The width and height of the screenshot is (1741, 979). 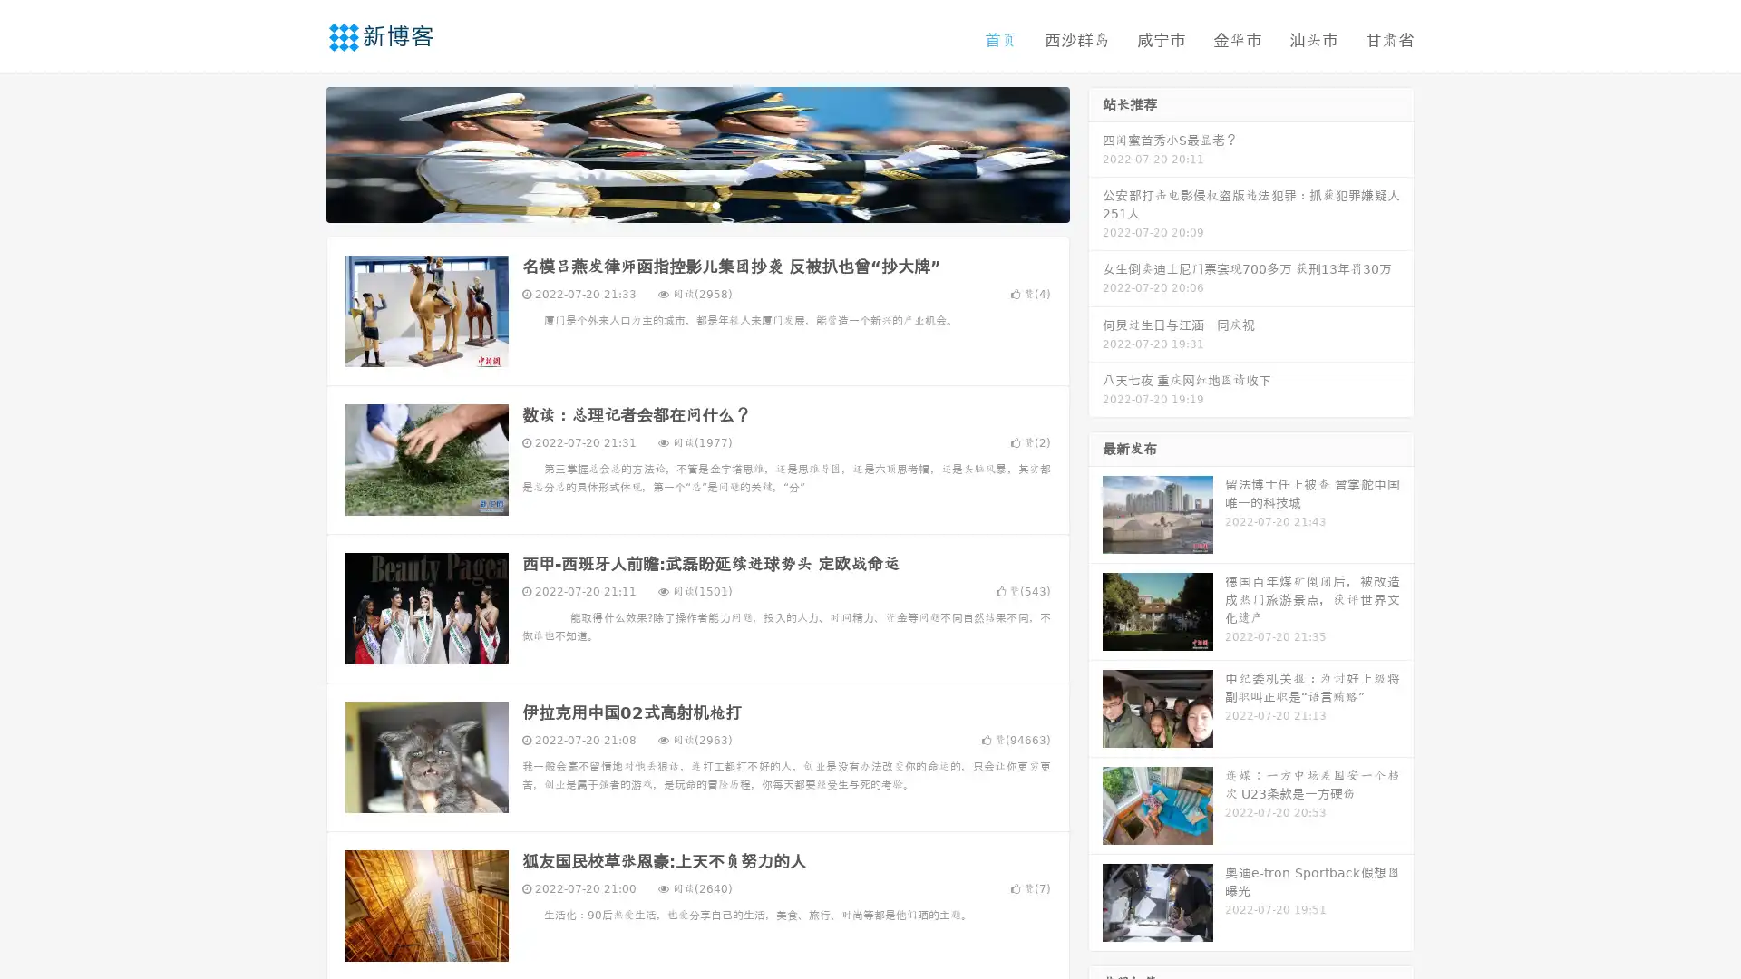 What do you see at coordinates (696, 204) in the screenshot?
I see `Go to slide 2` at bounding box center [696, 204].